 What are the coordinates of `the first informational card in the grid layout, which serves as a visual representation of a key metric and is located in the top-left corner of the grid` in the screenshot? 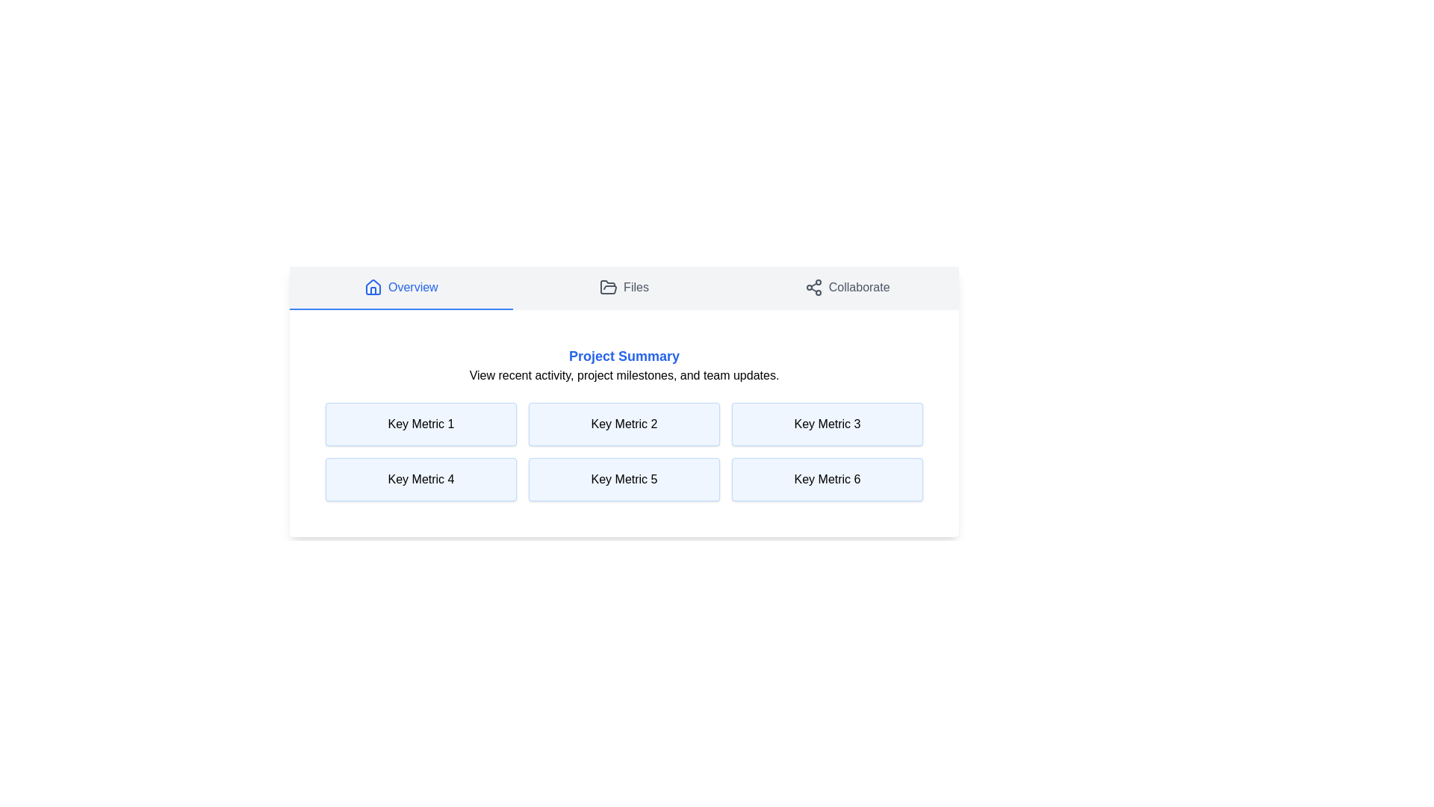 It's located at (420, 424).